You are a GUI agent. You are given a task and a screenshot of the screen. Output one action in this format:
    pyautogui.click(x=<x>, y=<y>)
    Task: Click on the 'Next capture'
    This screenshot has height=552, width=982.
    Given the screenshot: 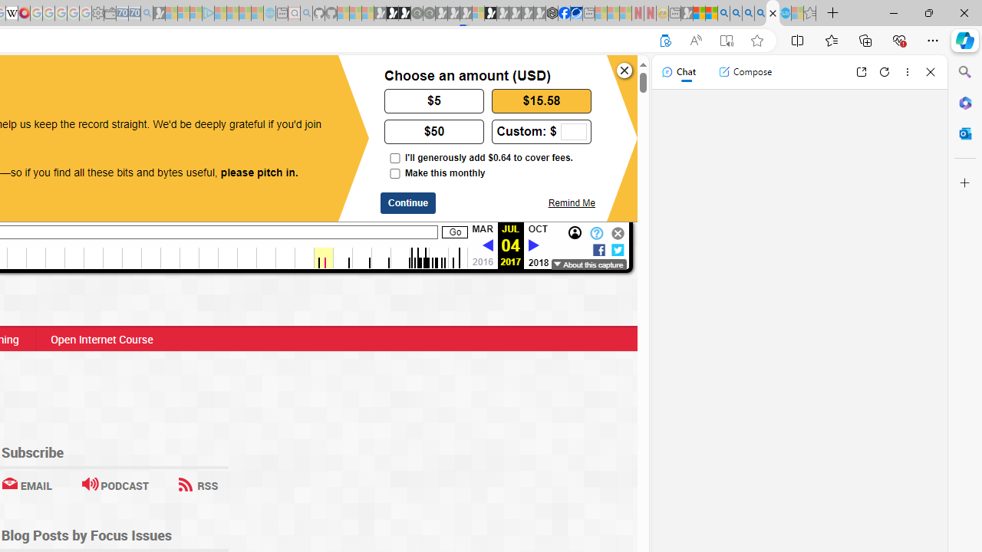 What is the action you would take?
    pyautogui.click(x=533, y=244)
    